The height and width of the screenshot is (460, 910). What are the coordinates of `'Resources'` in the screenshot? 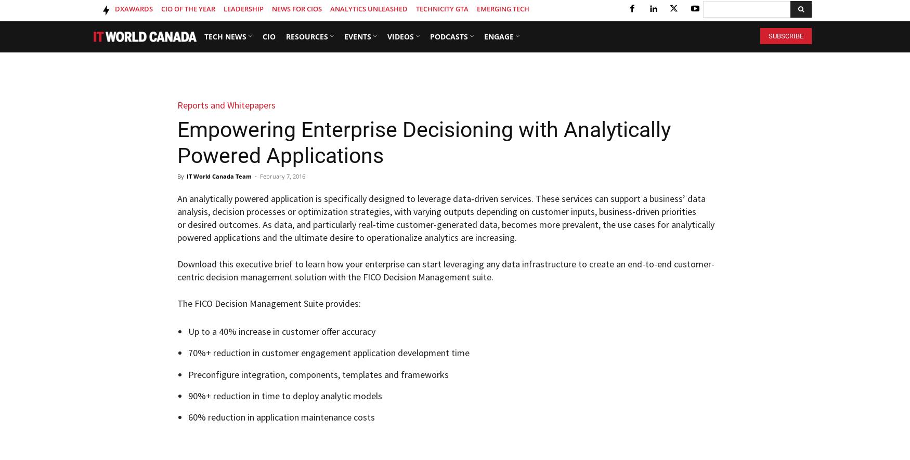 It's located at (307, 36).